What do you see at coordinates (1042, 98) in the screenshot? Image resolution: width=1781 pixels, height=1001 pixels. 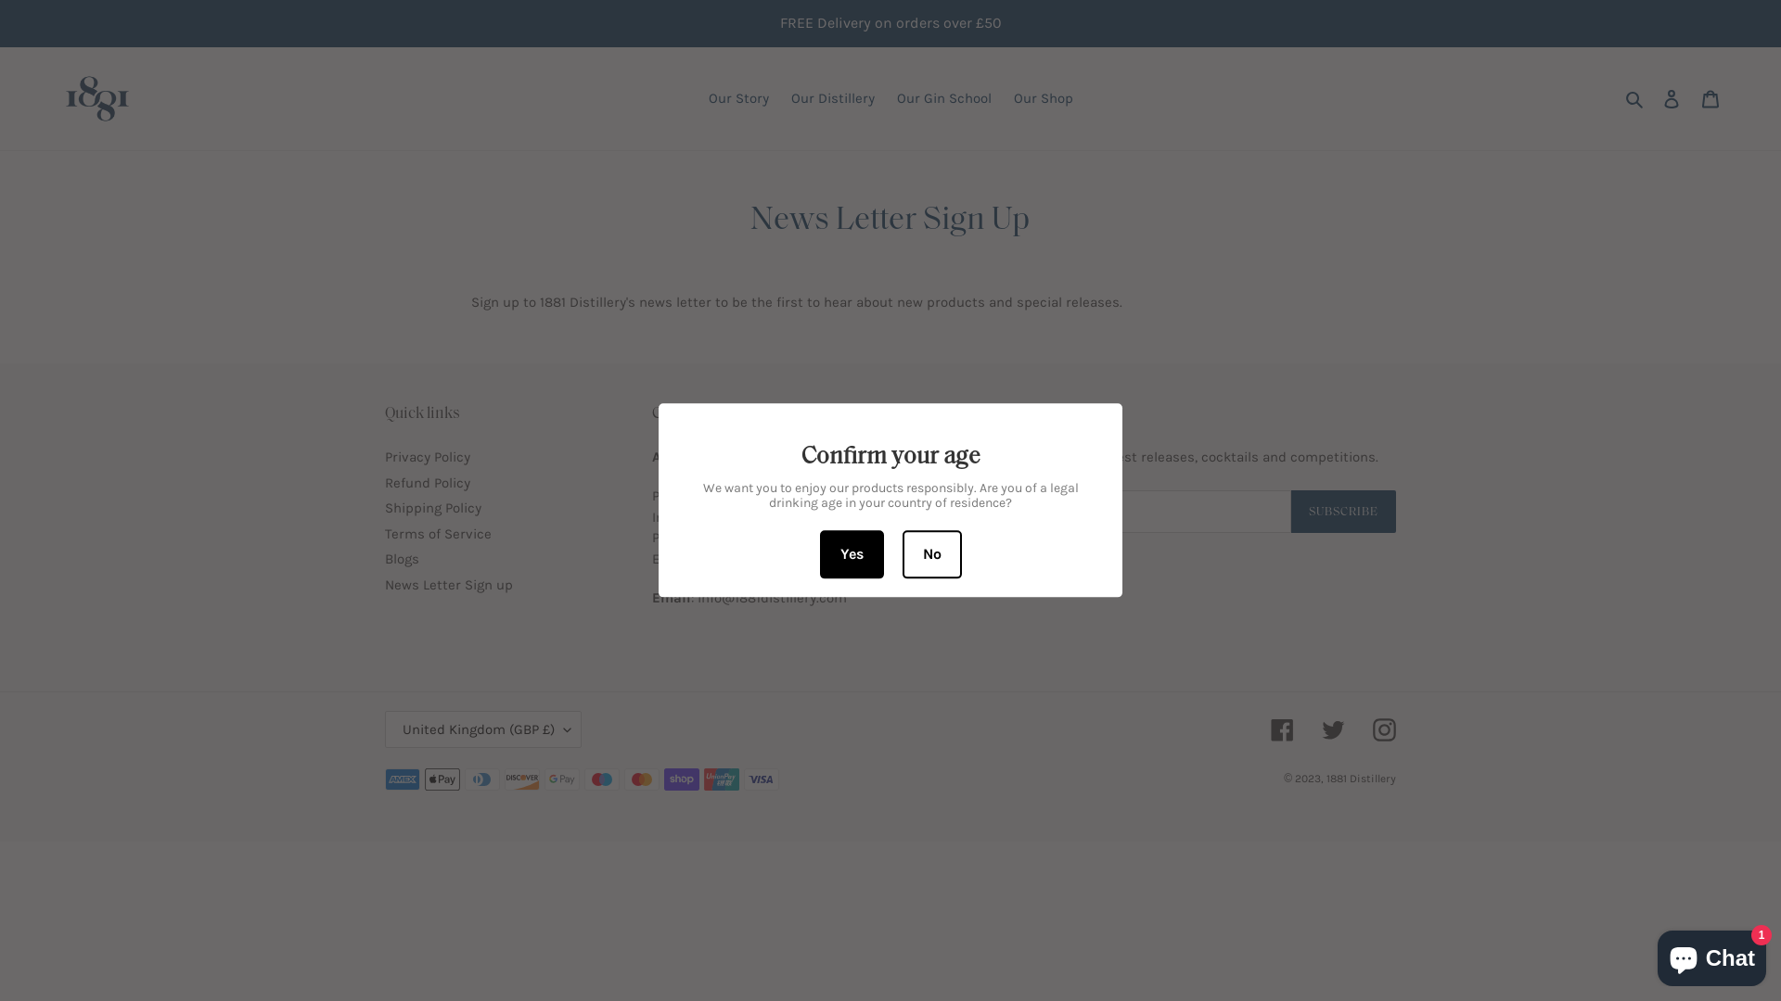 I see `'Our Shop'` at bounding box center [1042, 98].